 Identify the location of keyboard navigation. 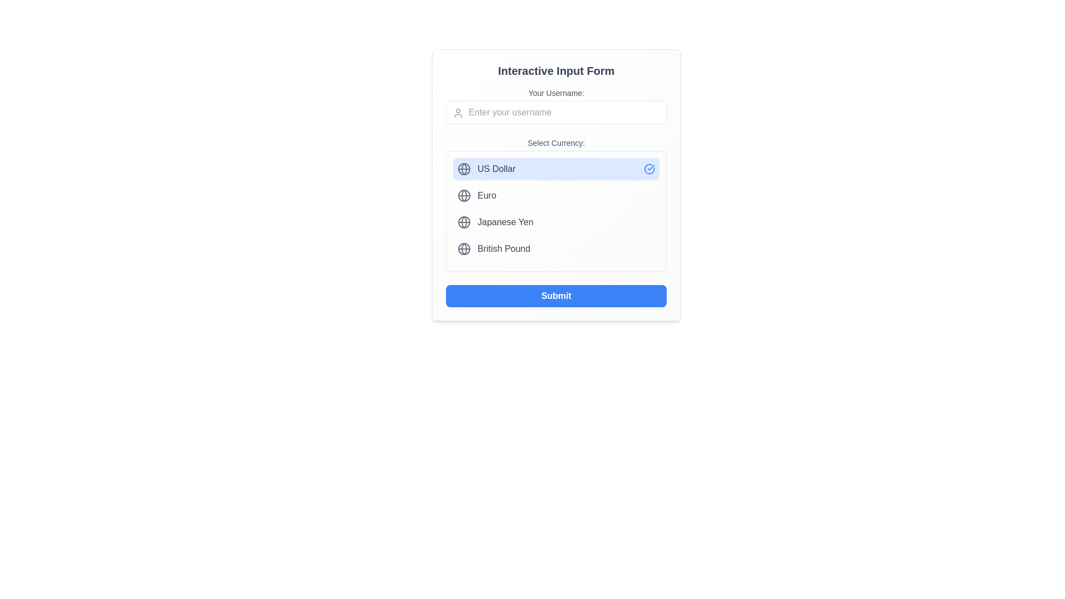
(556, 106).